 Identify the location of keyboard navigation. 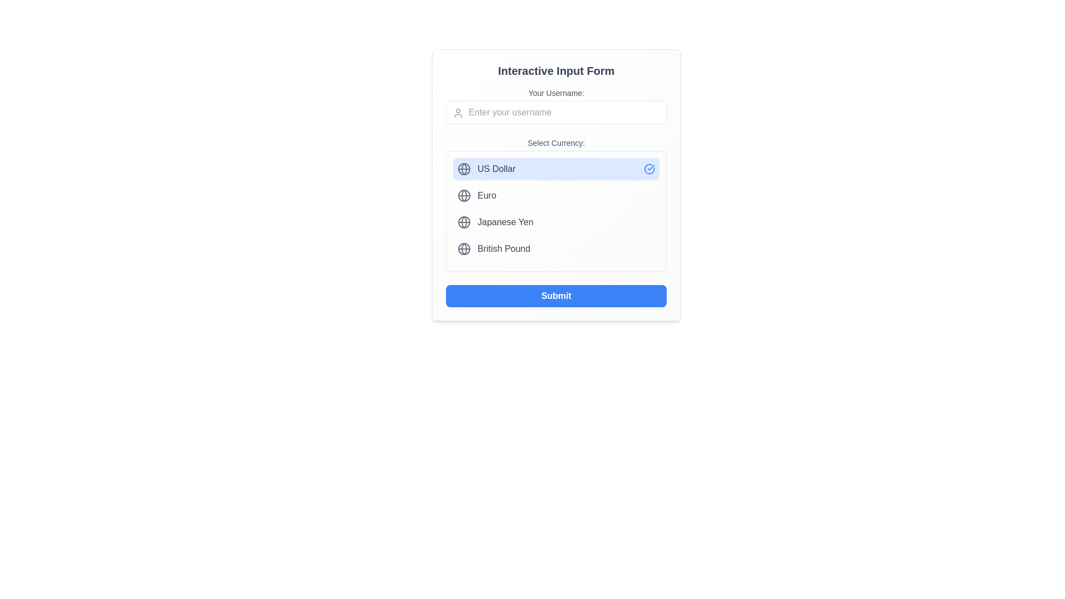
(556, 106).